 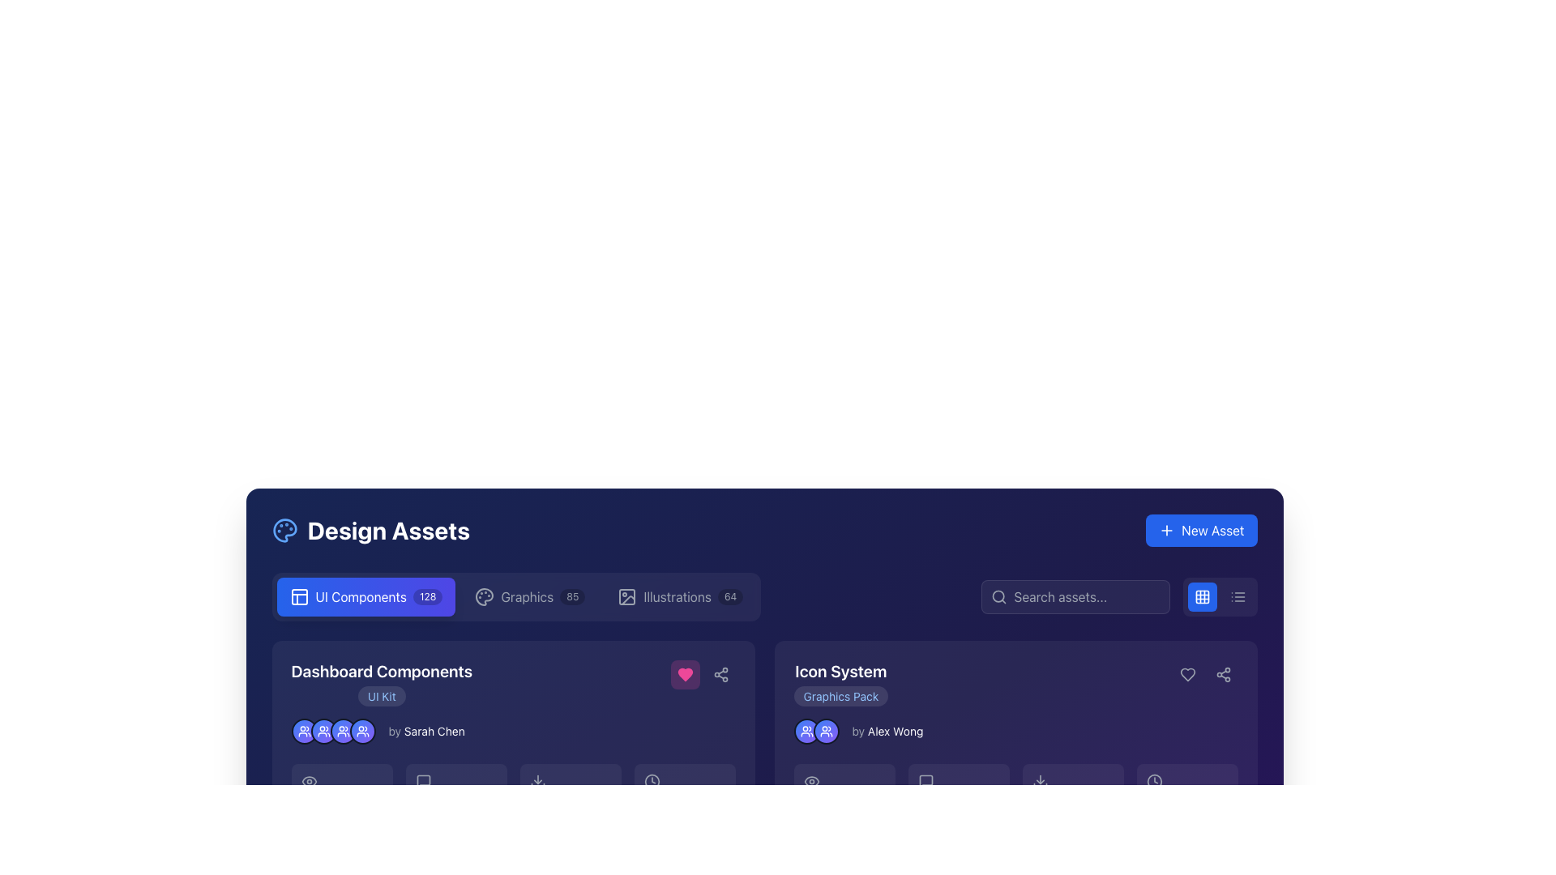 What do you see at coordinates (309, 780) in the screenshot?
I see `the visual indicator icon that displays visibility or views, located above the numeric text '2.4k' in the interface` at bounding box center [309, 780].